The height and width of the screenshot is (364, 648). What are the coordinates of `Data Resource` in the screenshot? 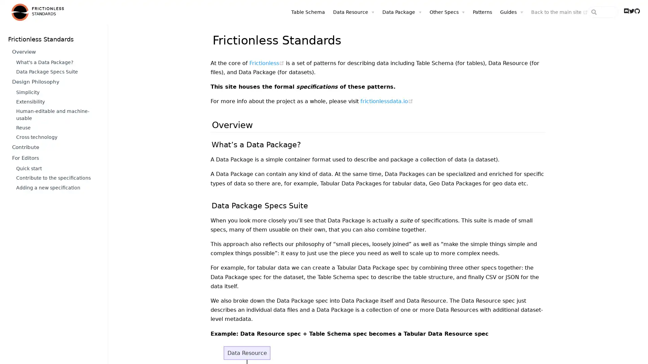 It's located at (316, 12).